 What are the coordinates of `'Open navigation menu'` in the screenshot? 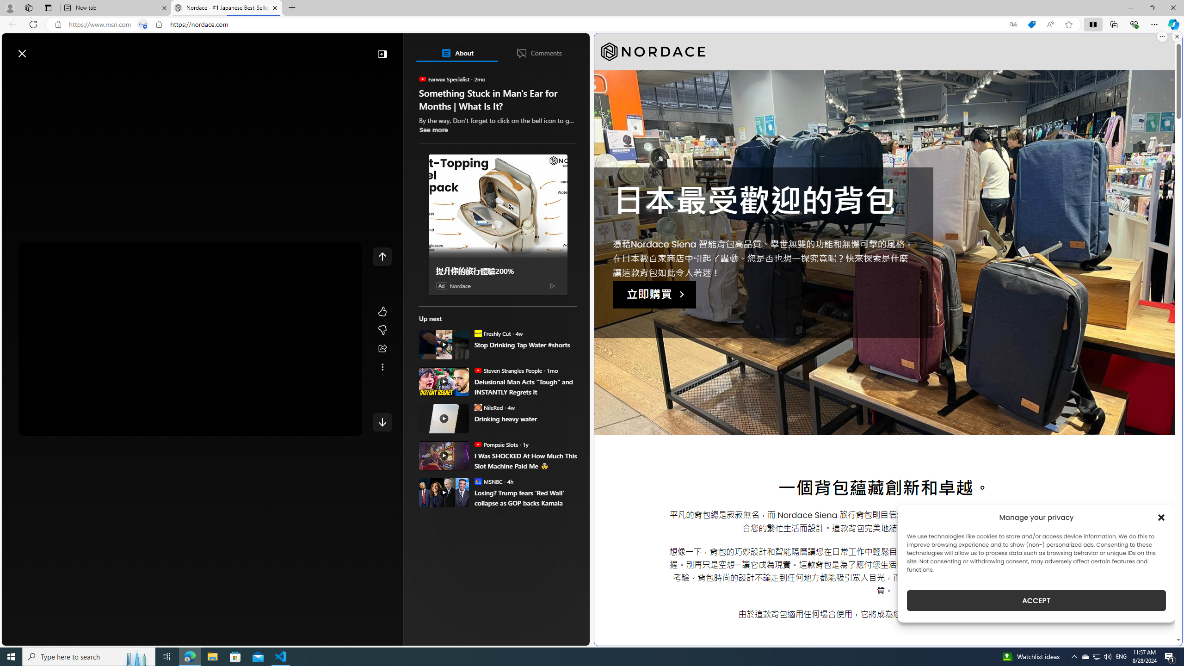 It's located at (13, 74).